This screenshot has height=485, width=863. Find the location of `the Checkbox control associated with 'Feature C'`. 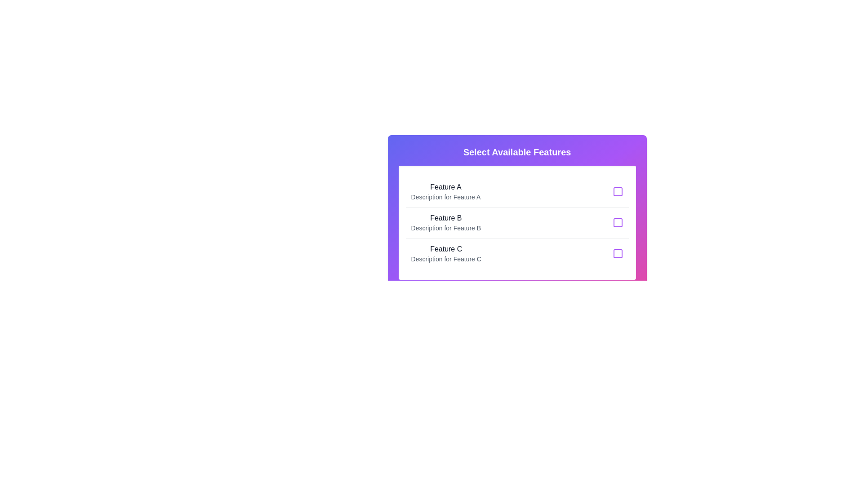

the Checkbox control associated with 'Feature C' is located at coordinates (617, 253).